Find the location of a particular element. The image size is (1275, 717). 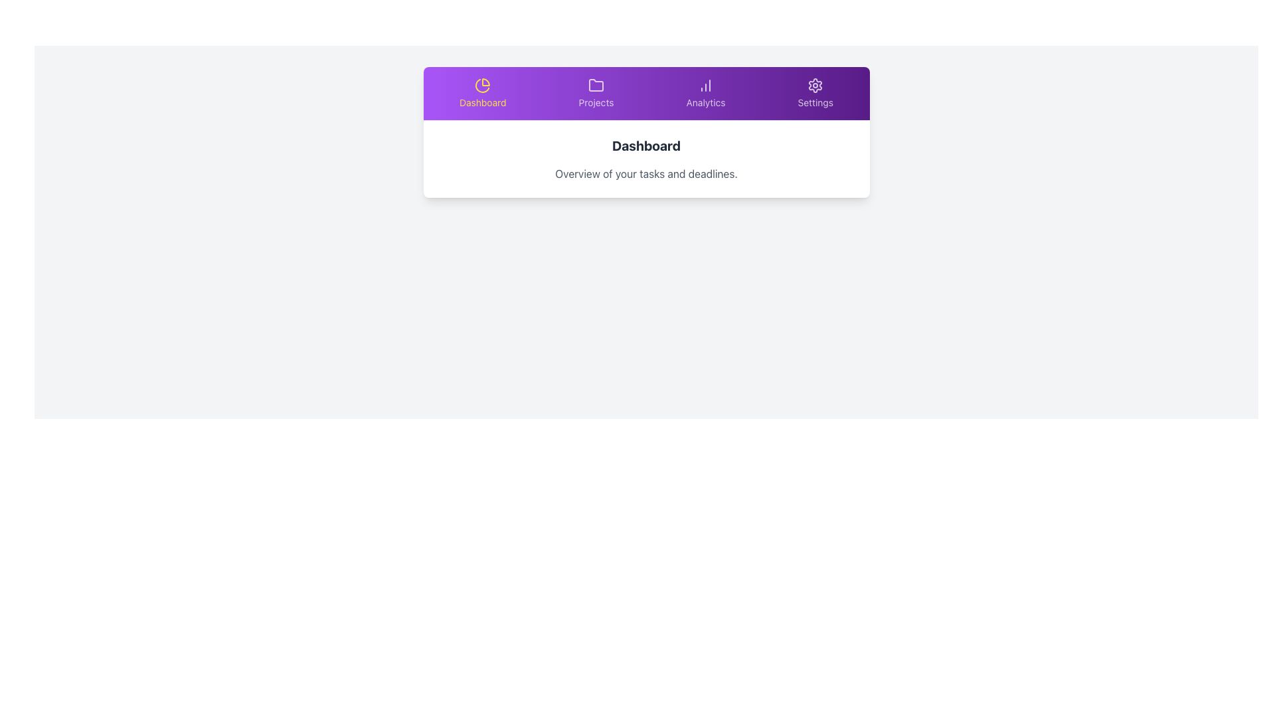

the 'Analytics' icon located in the top navigation bar, which serves as a visual indicator for accessing the Analytics section is located at coordinates (705, 85).